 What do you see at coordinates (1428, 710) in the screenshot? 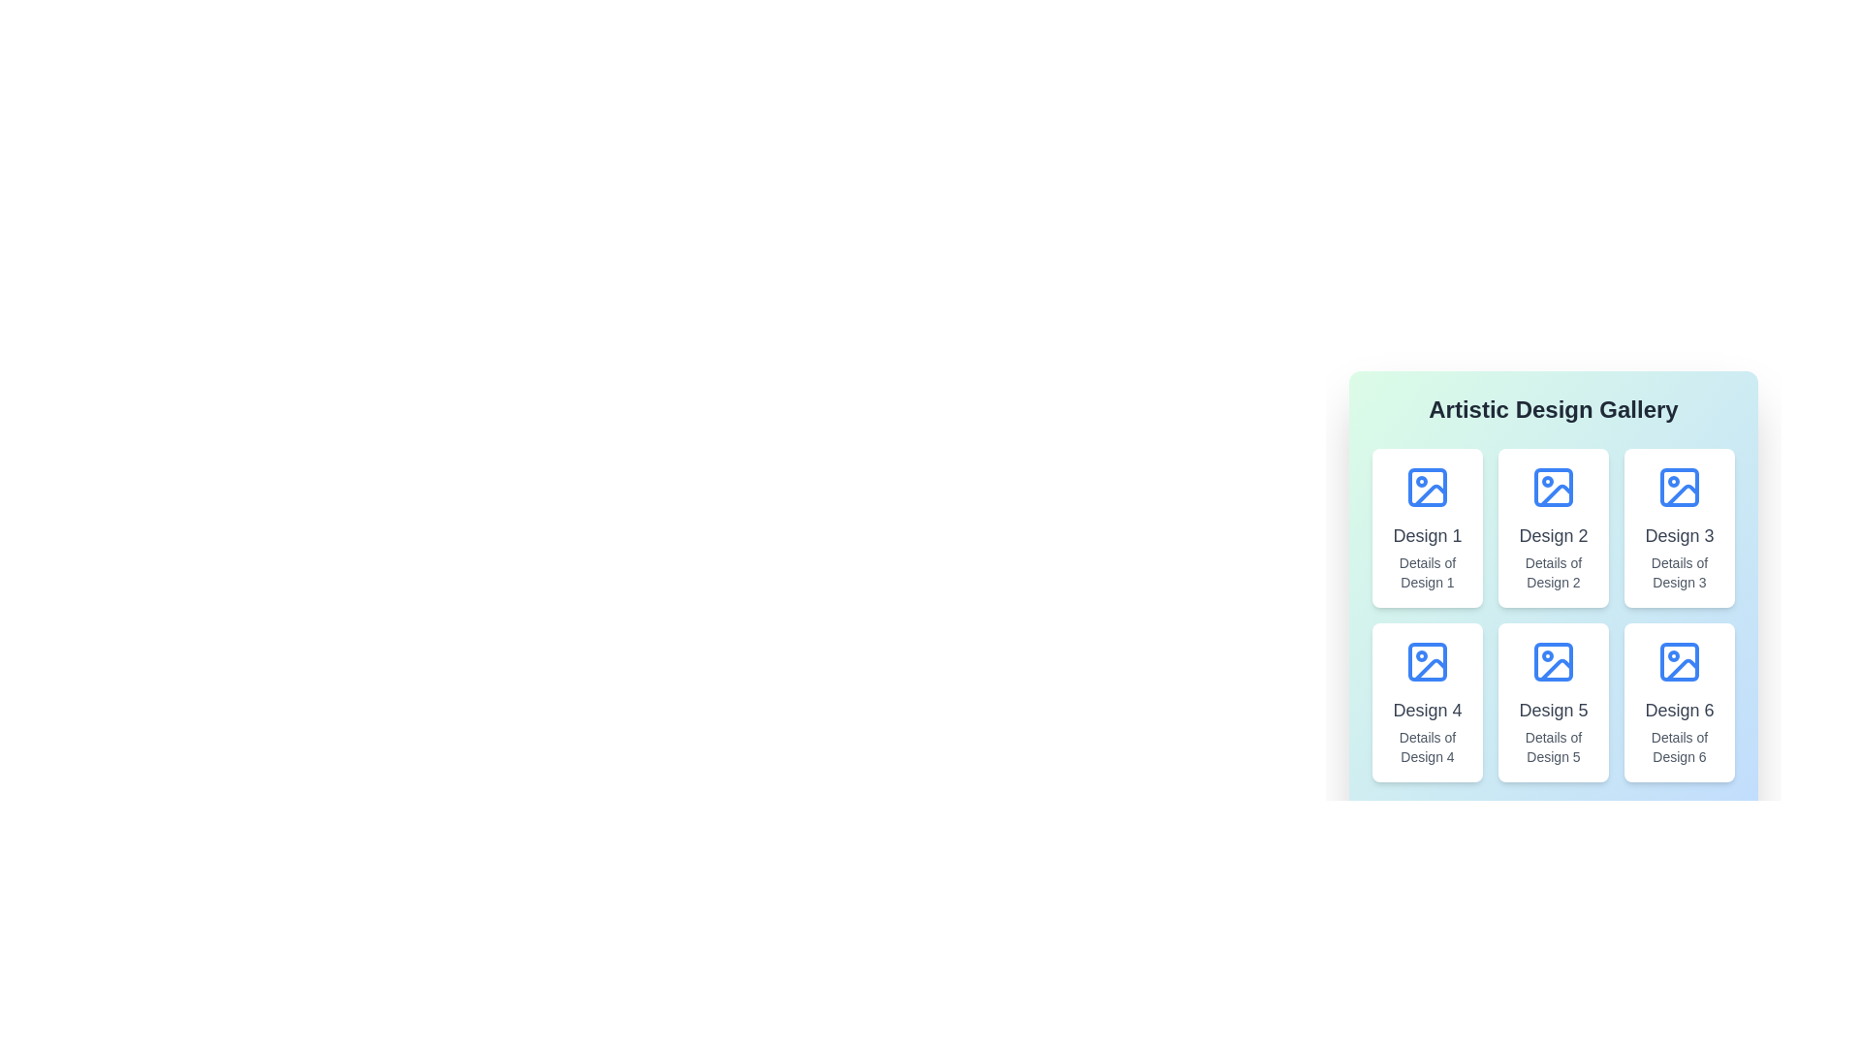
I see `title label located at the lower-left section of the card tile, positioned beneath an image-like icon and above the descriptive text 'Details of Design 4'` at bounding box center [1428, 710].